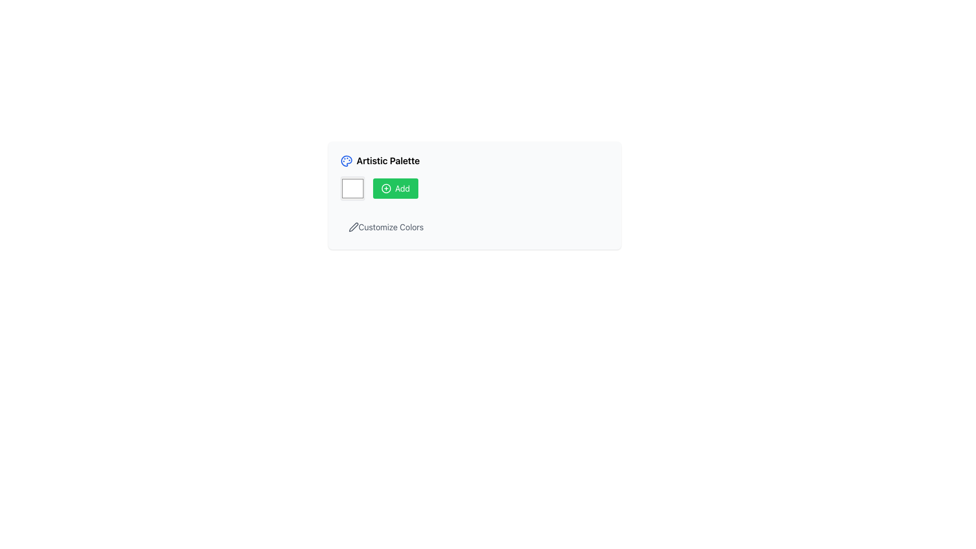  Describe the element at coordinates (346, 160) in the screenshot. I see `the artistic palette icon with a blue outline located next to the text 'Artistic Palette'` at that location.